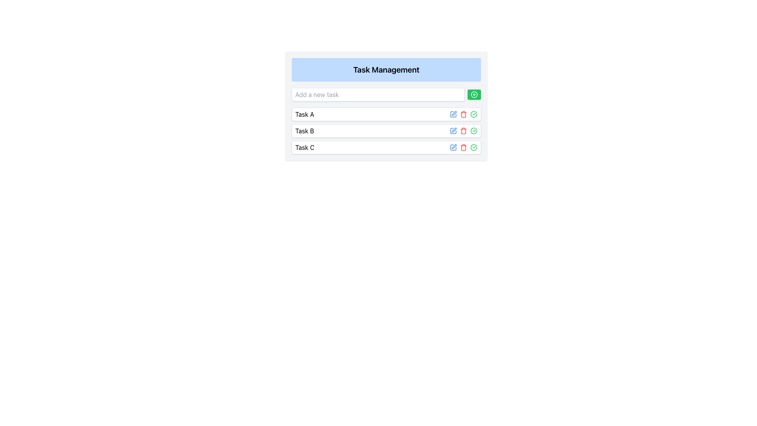 This screenshot has width=757, height=426. I want to click on the edit button associated with 'Task A', so click(453, 114).